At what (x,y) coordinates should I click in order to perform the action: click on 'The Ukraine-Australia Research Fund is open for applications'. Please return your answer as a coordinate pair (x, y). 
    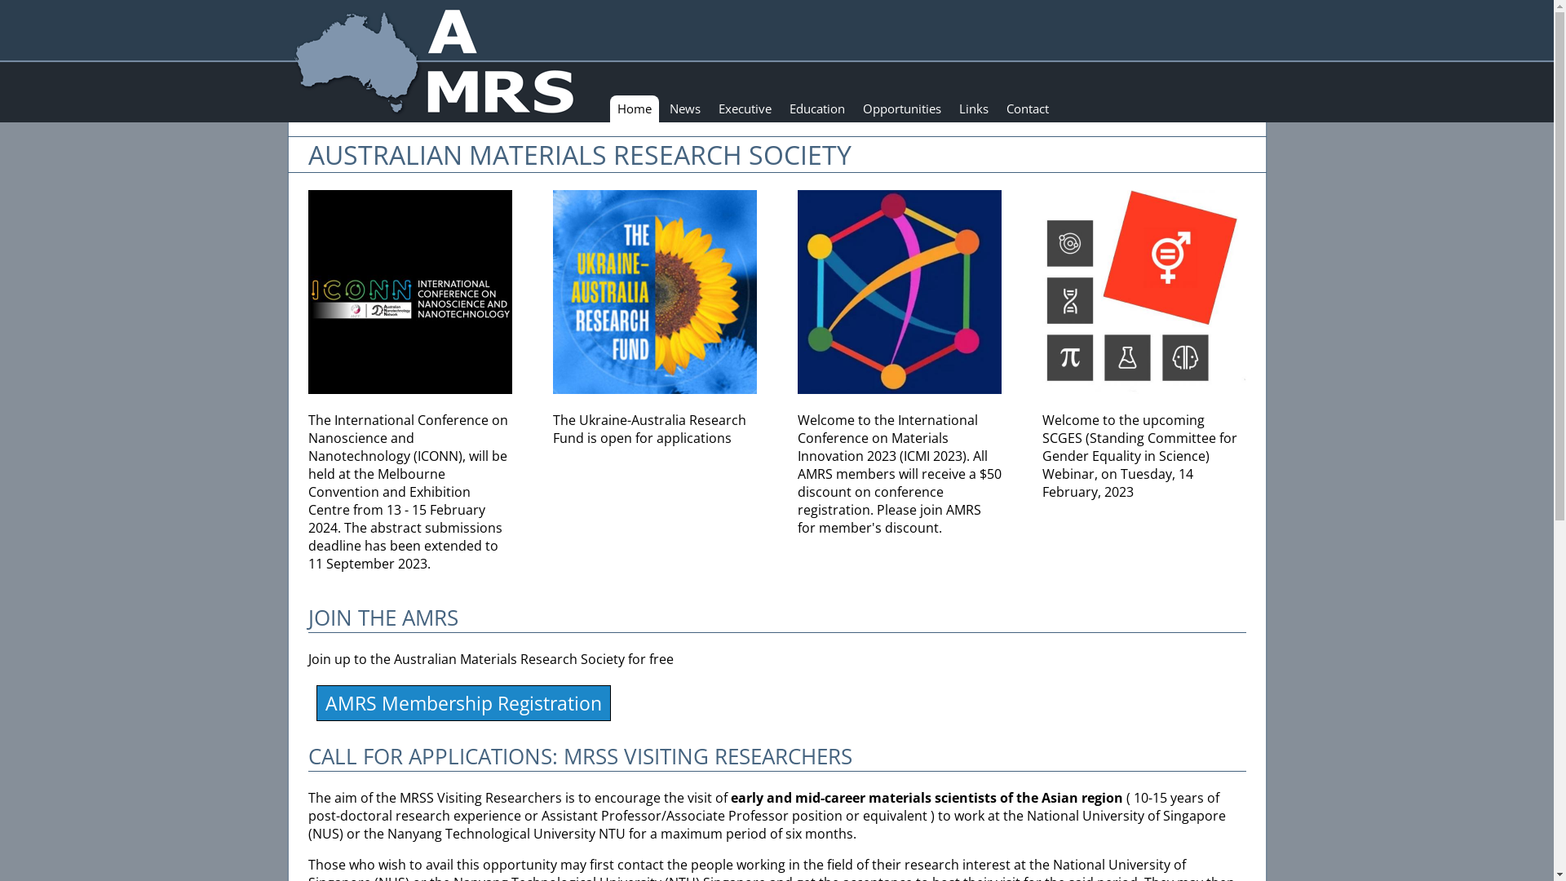
    Looking at the image, I should click on (654, 412).